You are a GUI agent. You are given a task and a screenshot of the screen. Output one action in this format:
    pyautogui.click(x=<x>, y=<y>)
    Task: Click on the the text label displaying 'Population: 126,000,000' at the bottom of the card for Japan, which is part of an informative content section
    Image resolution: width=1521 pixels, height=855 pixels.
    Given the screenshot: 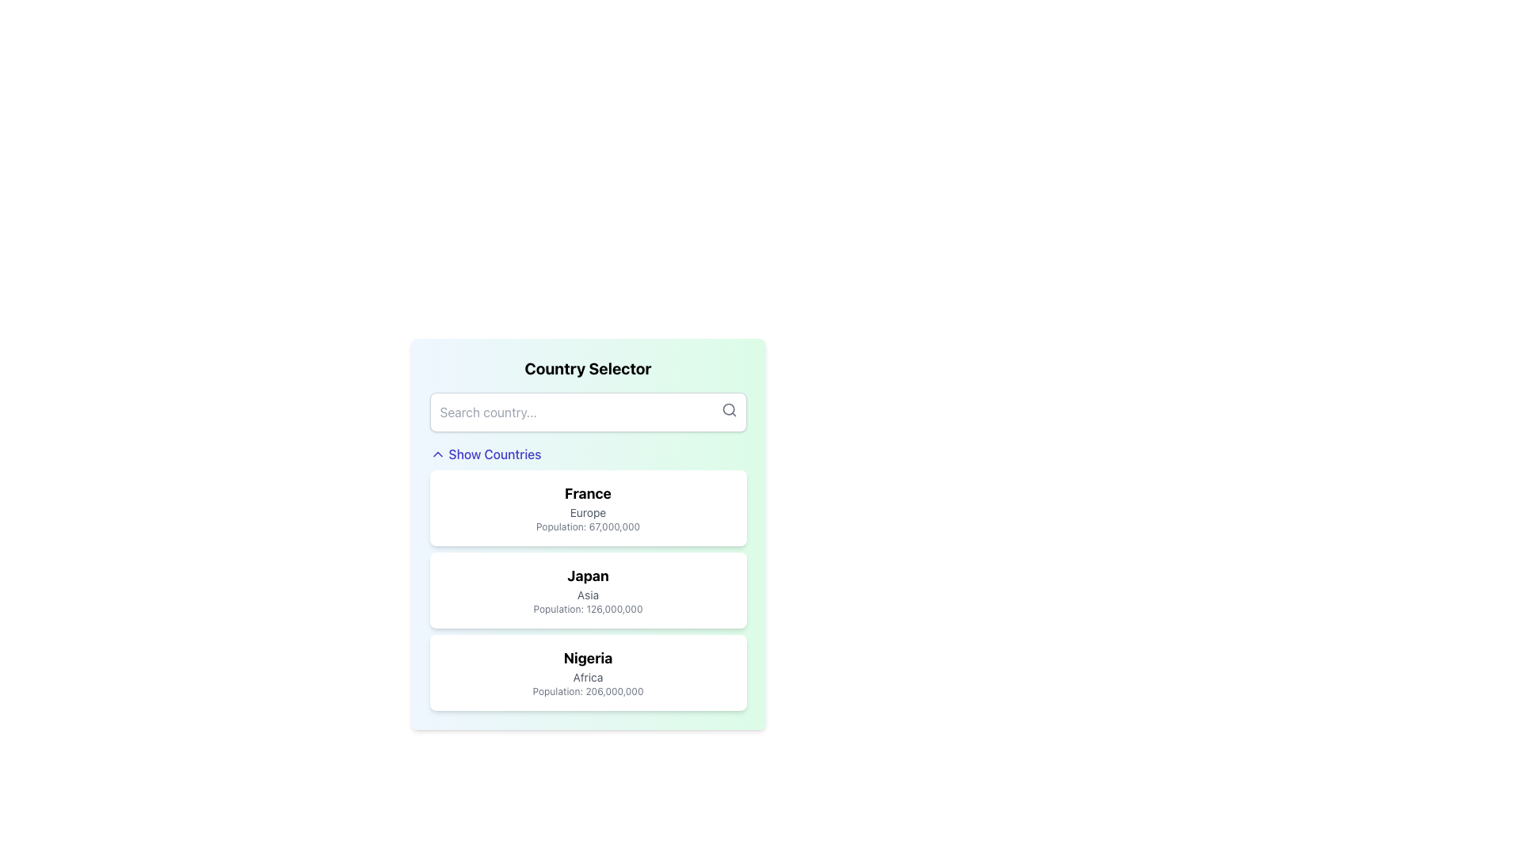 What is the action you would take?
    pyautogui.click(x=587, y=609)
    